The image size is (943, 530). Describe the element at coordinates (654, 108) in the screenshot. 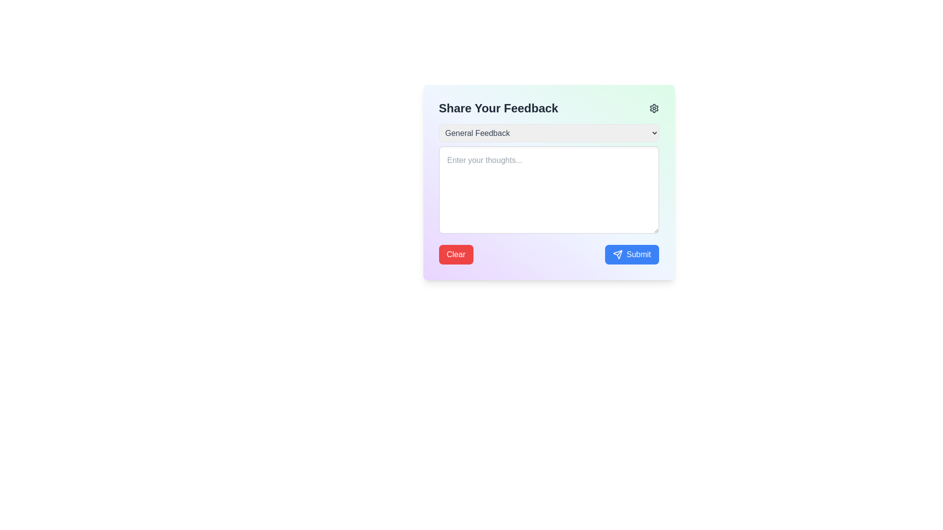

I see `the settings icon located in the top-right corner of the feedback interface` at that location.